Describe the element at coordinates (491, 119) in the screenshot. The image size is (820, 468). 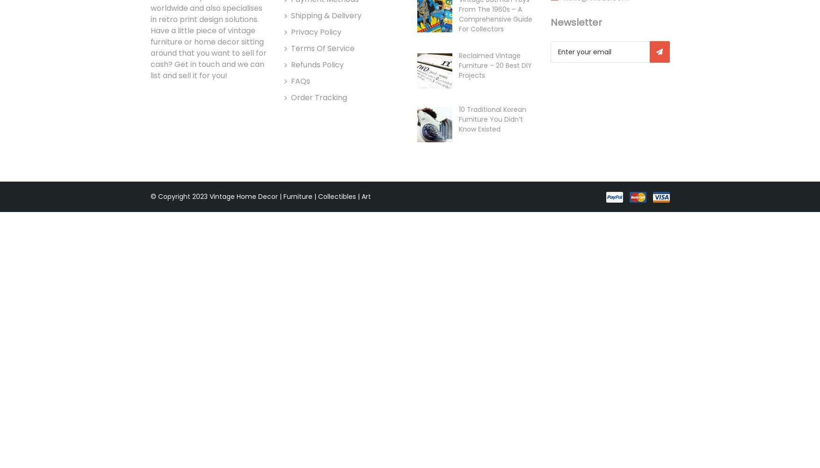
I see `'10 Traditional Korean Furniture You Didn’t Know Existed'` at that location.